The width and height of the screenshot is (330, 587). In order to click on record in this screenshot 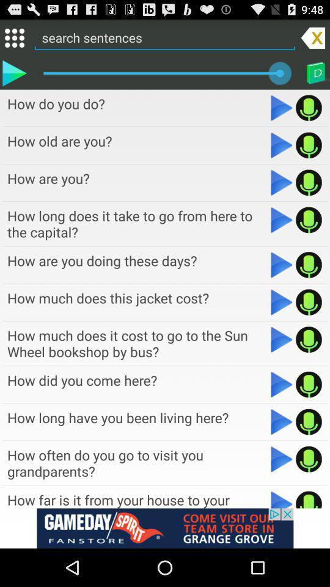, I will do `click(308, 182)`.